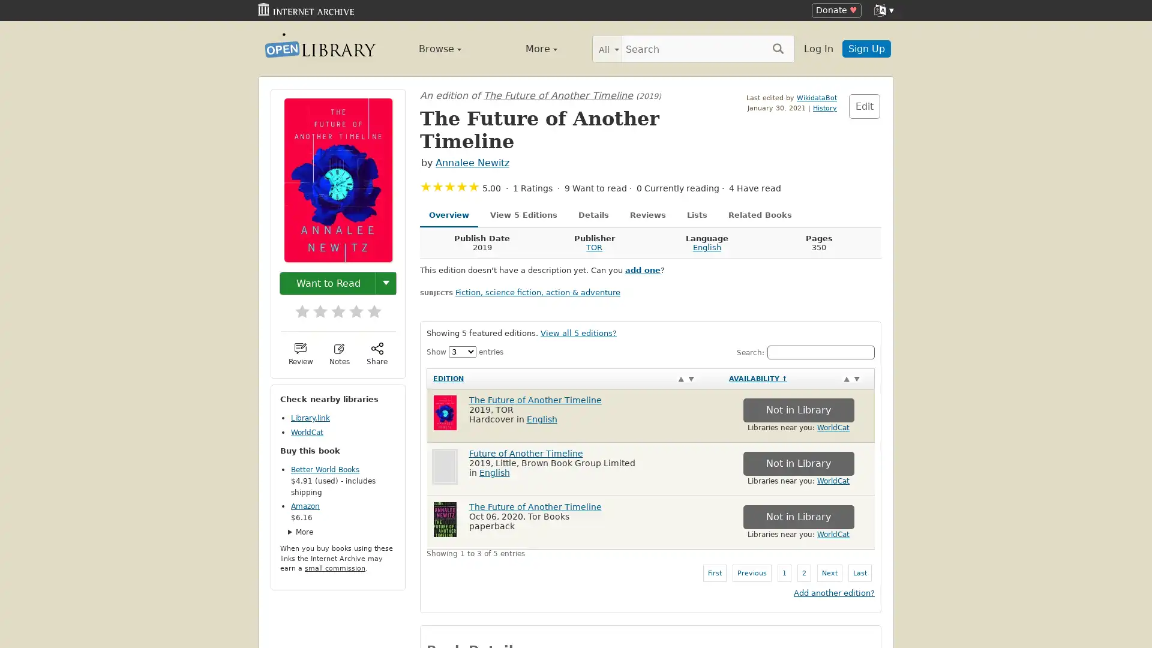 This screenshot has width=1152, height=648. I want to click on Want to Read, so click(328, 283).